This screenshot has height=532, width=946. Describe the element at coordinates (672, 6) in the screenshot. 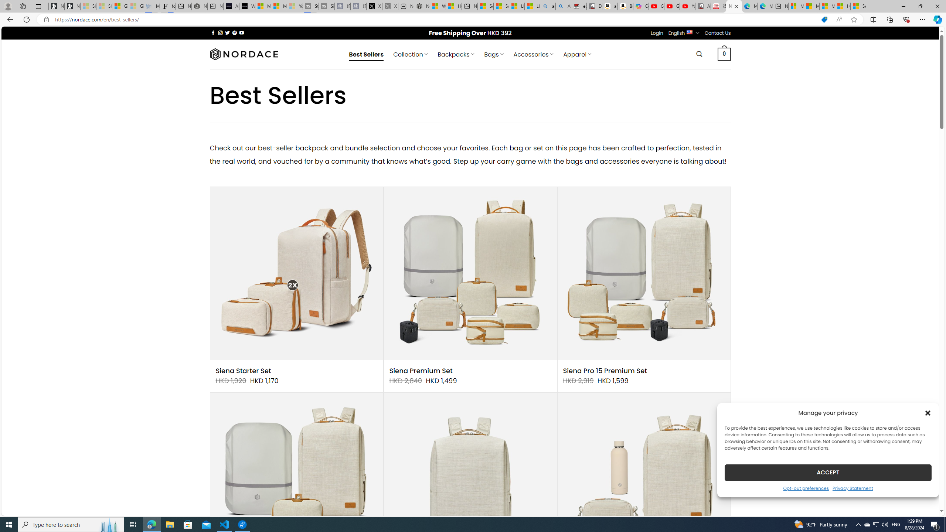

I see `'Gloom - YouTube'` at that location.